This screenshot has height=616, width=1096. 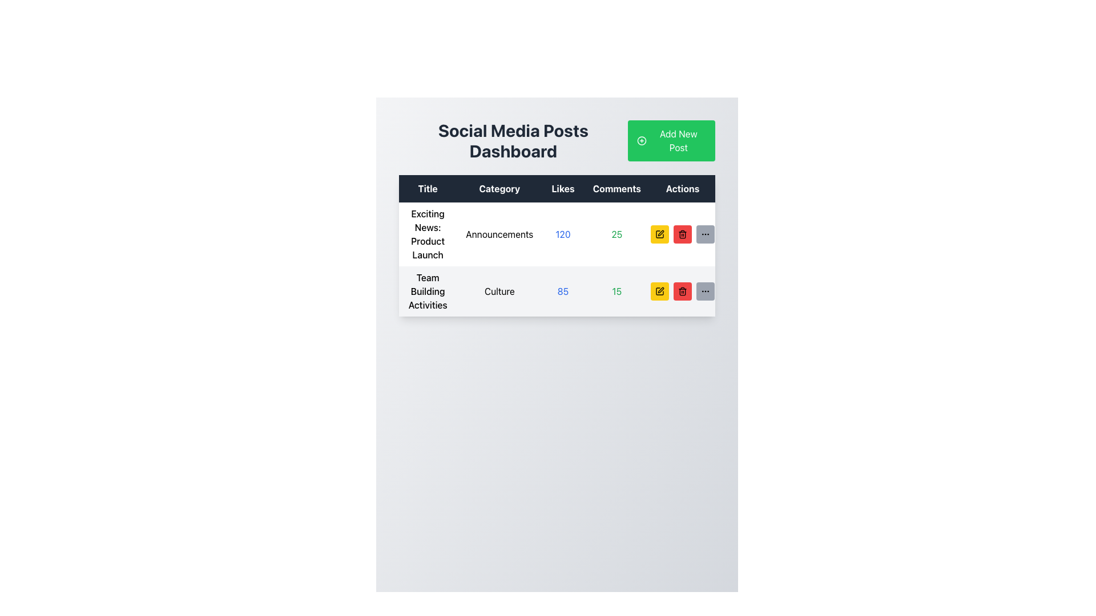 I want to click on the red rectangular delete button with a white trash bin icon, located in the 'Actions' column of the 'Team Building Activities' row, which is the second button among three action buttons, so click(x=682, y=290).